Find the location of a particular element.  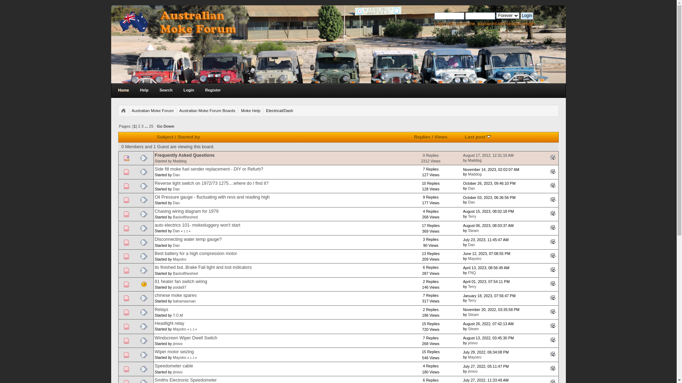

'Australian Moke Forum' is located at coordinates (152, 111).